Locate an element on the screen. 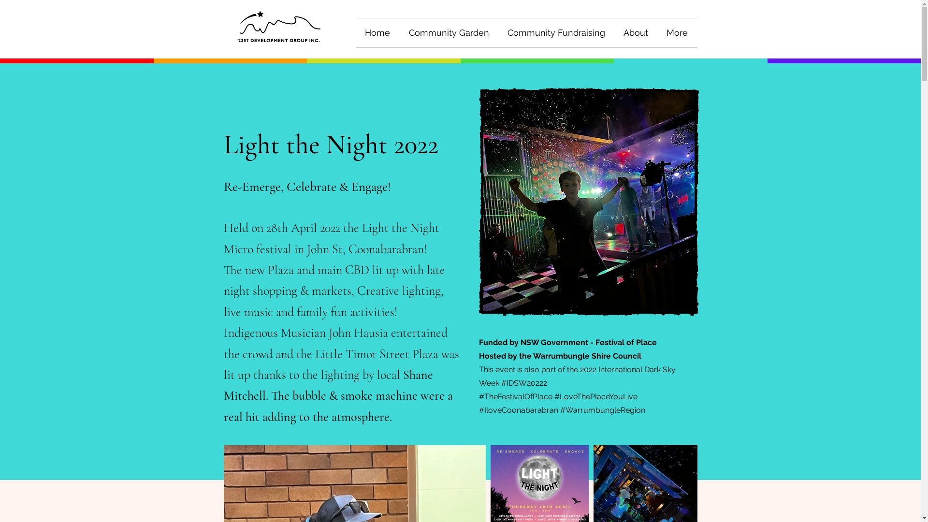  'About' is located at coordinates (613, 32).